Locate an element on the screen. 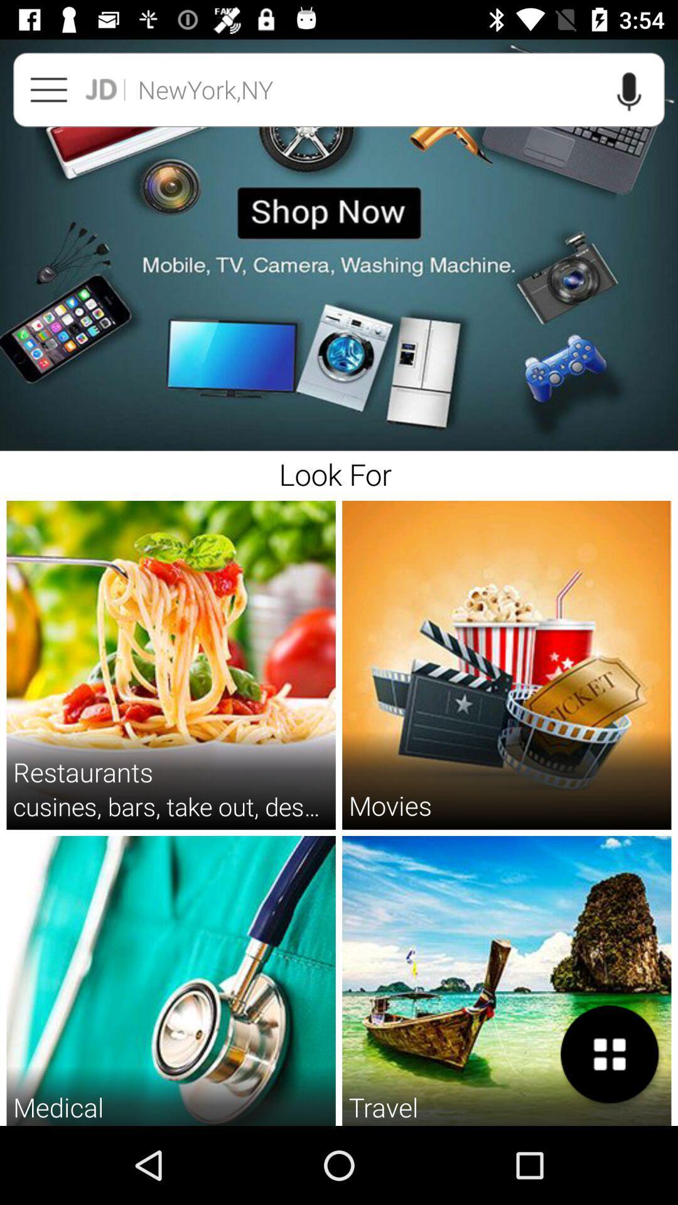 Image resolution: width=678 pixels, height=1205 pixels. the doctors hospitals diagnostic icon is located at coordinates (171, 1125).